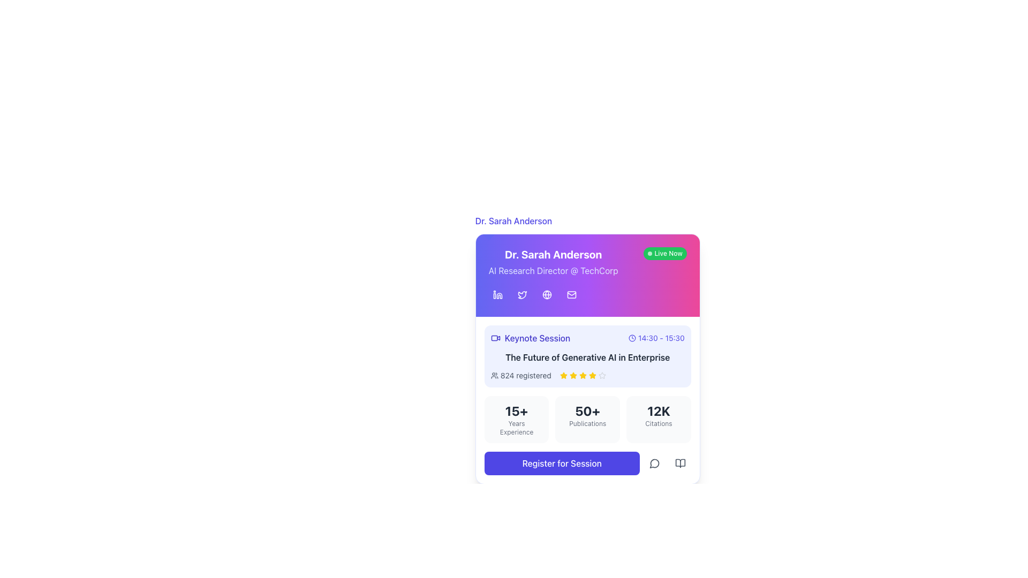 The width and height of the screenshot is (1028, 578). Describe the element at coordinates (494, 375) in the screenshot. I see `the user group icon, which is a stylized silhouette of two people, located to the left of the text '824 registered' in the section detailing 'The Future of Generative AI in Enterprise'` at that location.